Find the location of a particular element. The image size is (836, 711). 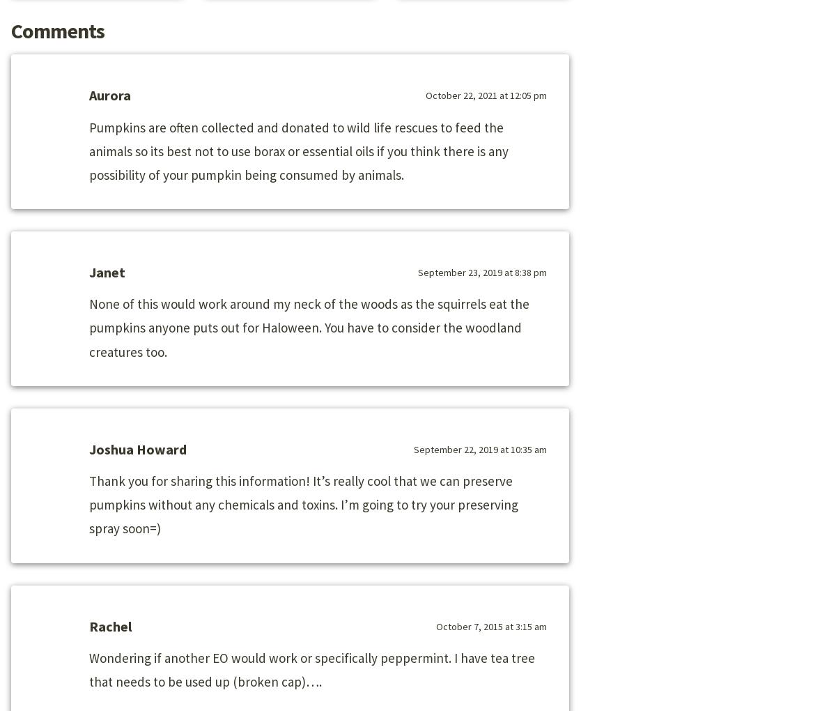

'Wondering if another EO would work or specifically peppermint. I have tea tree that needs to be used up (broken cap)….' is located at coordinates (311, 668).